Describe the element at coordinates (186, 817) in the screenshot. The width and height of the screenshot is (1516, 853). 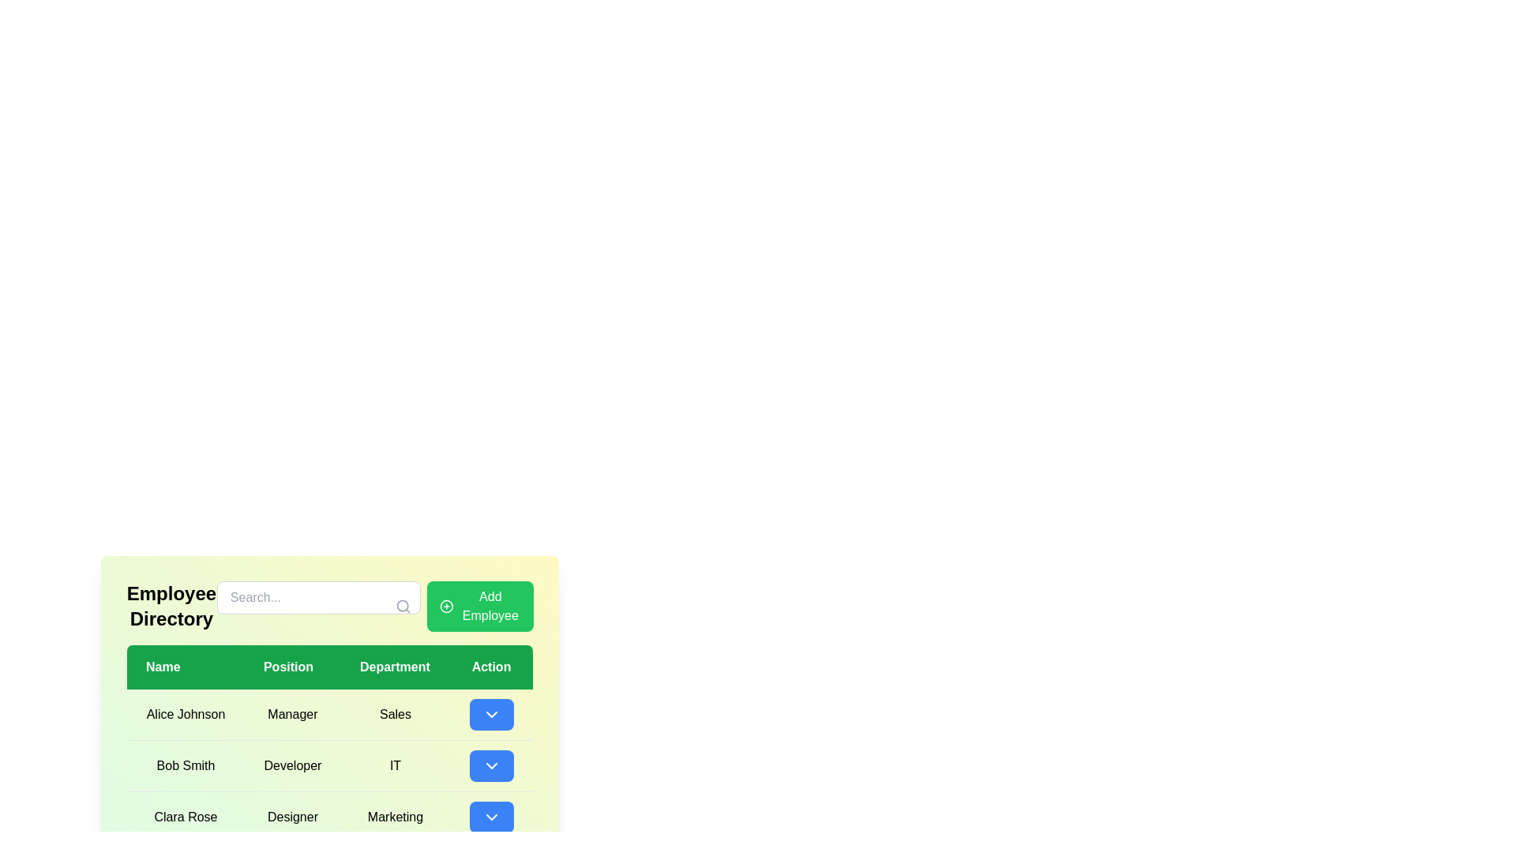
I see `the text label displaying 'Clara Rose' in a green-tinted rectangular cell within the last row of the table under the 'Name' column` at that location.